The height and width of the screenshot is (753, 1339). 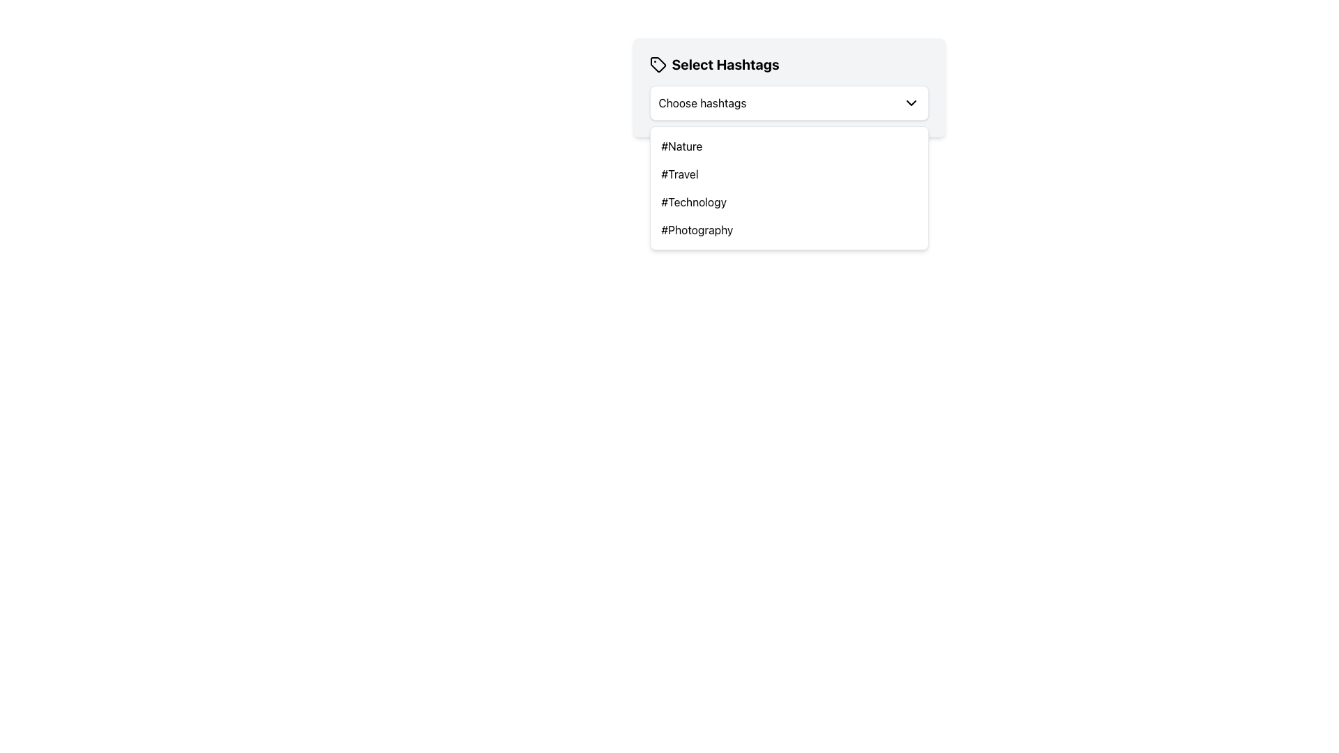 I want to click on the text label displaying '#Technology' in black font, which is the third option in the dropdown menu of hashtags, so click(x=694, y=201).